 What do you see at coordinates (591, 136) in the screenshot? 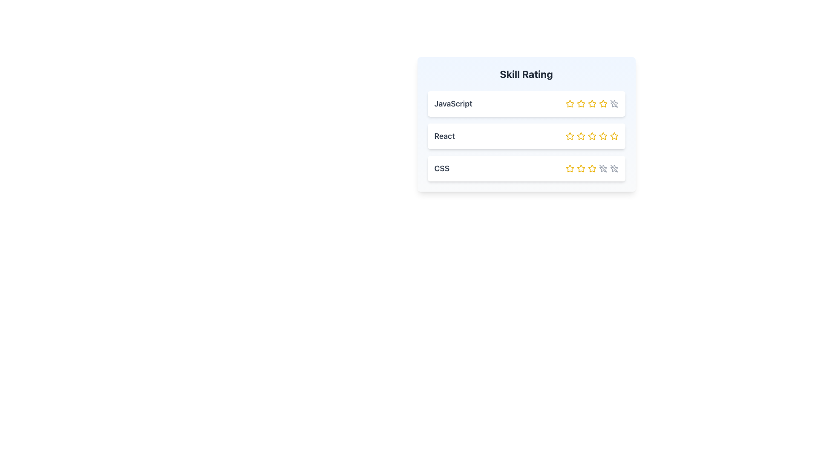
I see `the fourth star icon in the rating system for the skill 'React' to assign a rating value` at bounding box center [591, 136].